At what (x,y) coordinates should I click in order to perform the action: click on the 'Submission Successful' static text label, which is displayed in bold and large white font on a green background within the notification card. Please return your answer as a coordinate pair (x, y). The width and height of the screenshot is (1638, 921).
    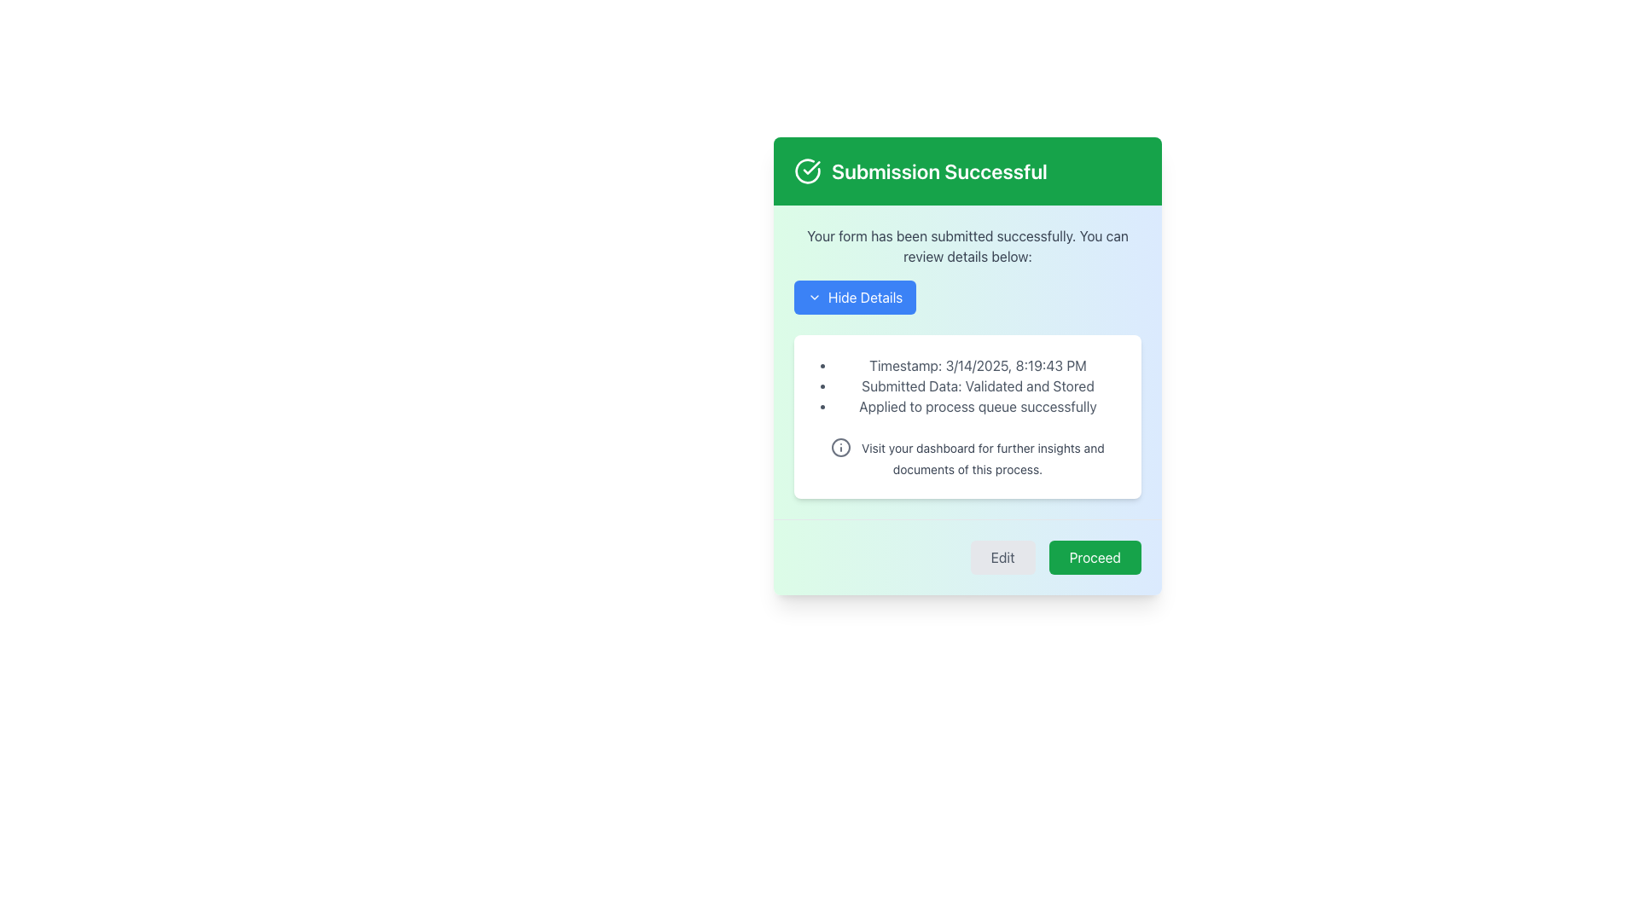
    Looking at the image, I should click on (938, 171).